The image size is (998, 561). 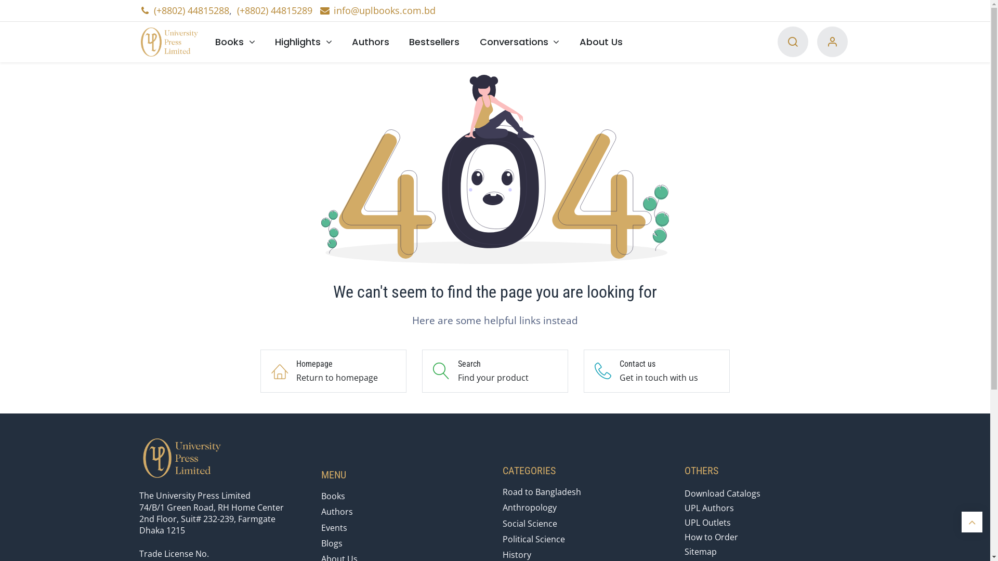 What do you see at coordinates (494, 370) in the screenshot?
I see `'Search` at bounding box center [494, 370].